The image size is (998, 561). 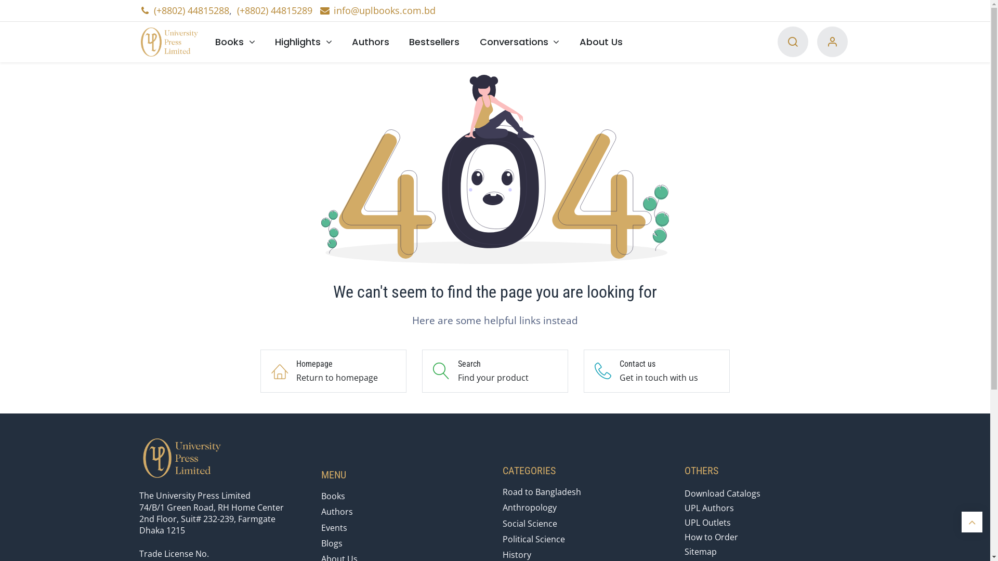 What do you see at coordinates (494, 370) in the screenshot?
I see `'Search` at bounding box center [494, 370].